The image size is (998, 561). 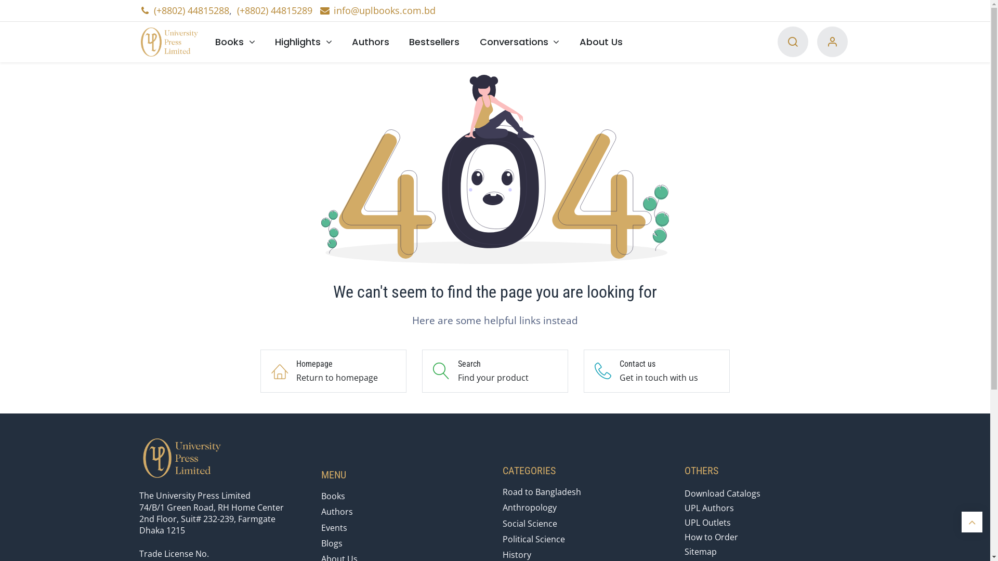 What do you see at coordinates (494, 370) in the screenshot?
I see `'Search` at bounding box center [494, 370].